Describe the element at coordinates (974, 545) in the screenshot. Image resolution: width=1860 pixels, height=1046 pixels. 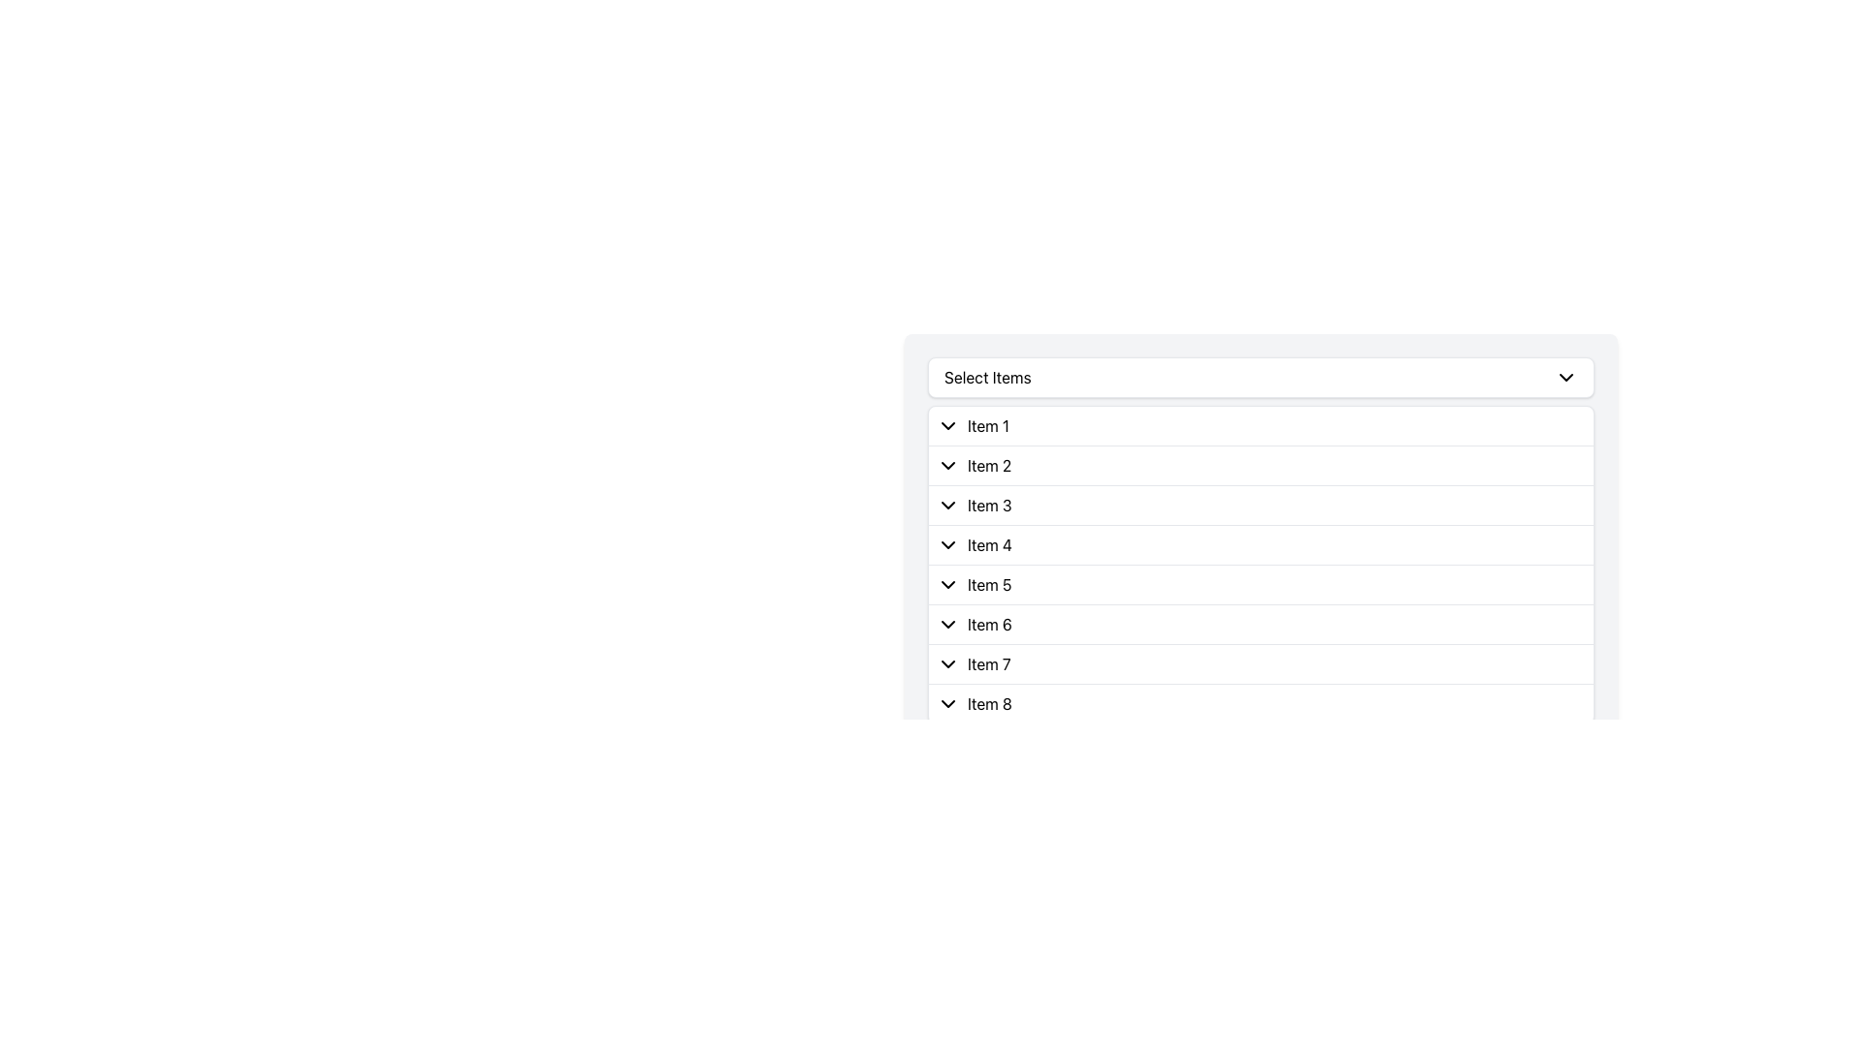
I see `the fourth entry in the list menu that contains an icon and text` at that location.